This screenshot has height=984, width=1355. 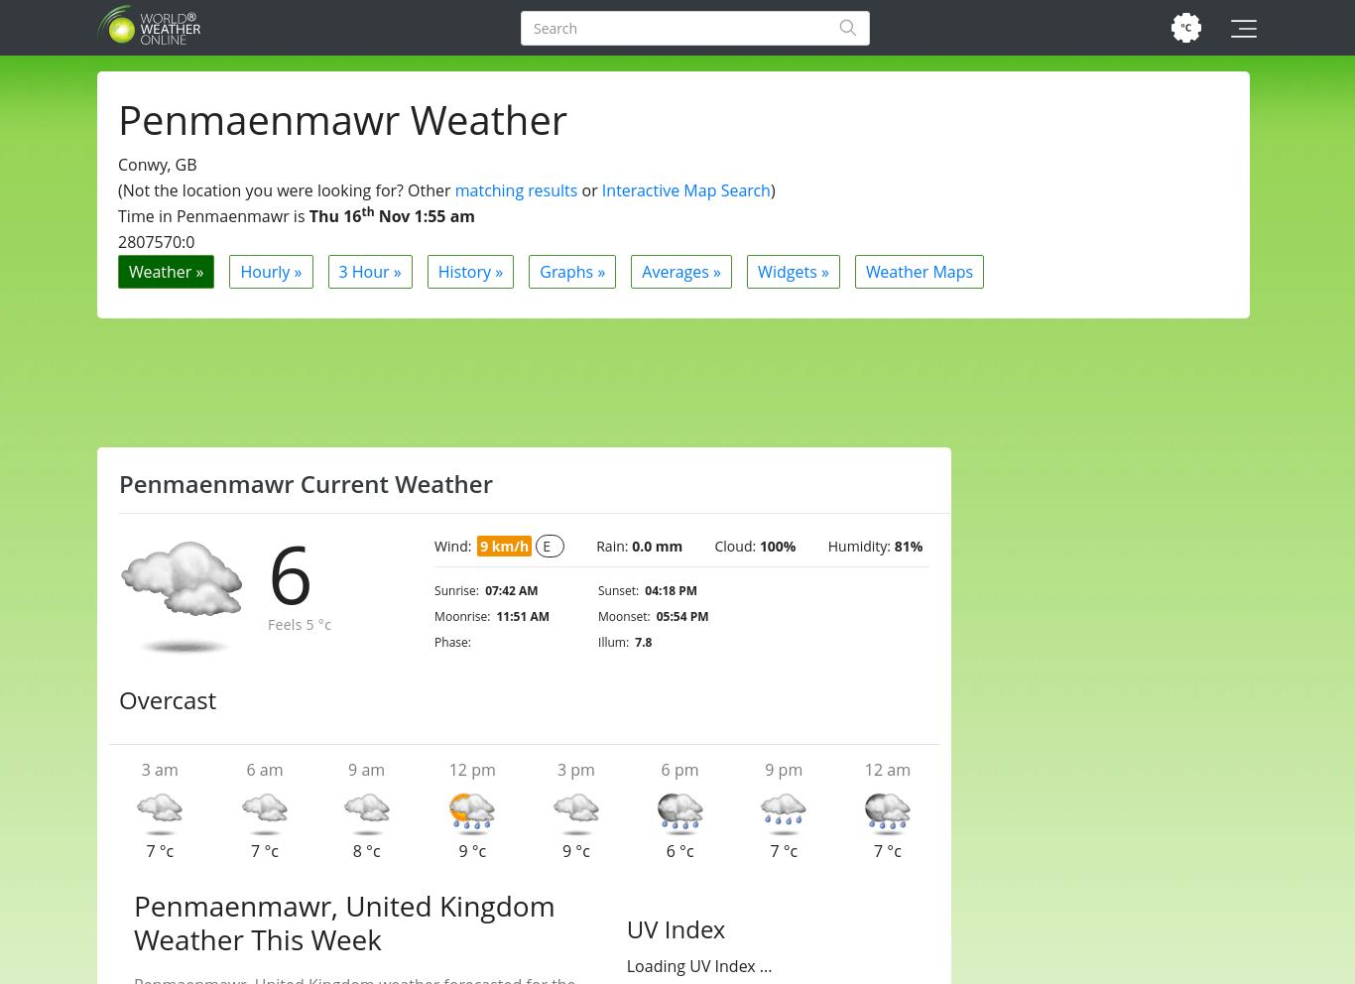 I want to click on 'Interactive Map Search', so click(x=685, y=188).